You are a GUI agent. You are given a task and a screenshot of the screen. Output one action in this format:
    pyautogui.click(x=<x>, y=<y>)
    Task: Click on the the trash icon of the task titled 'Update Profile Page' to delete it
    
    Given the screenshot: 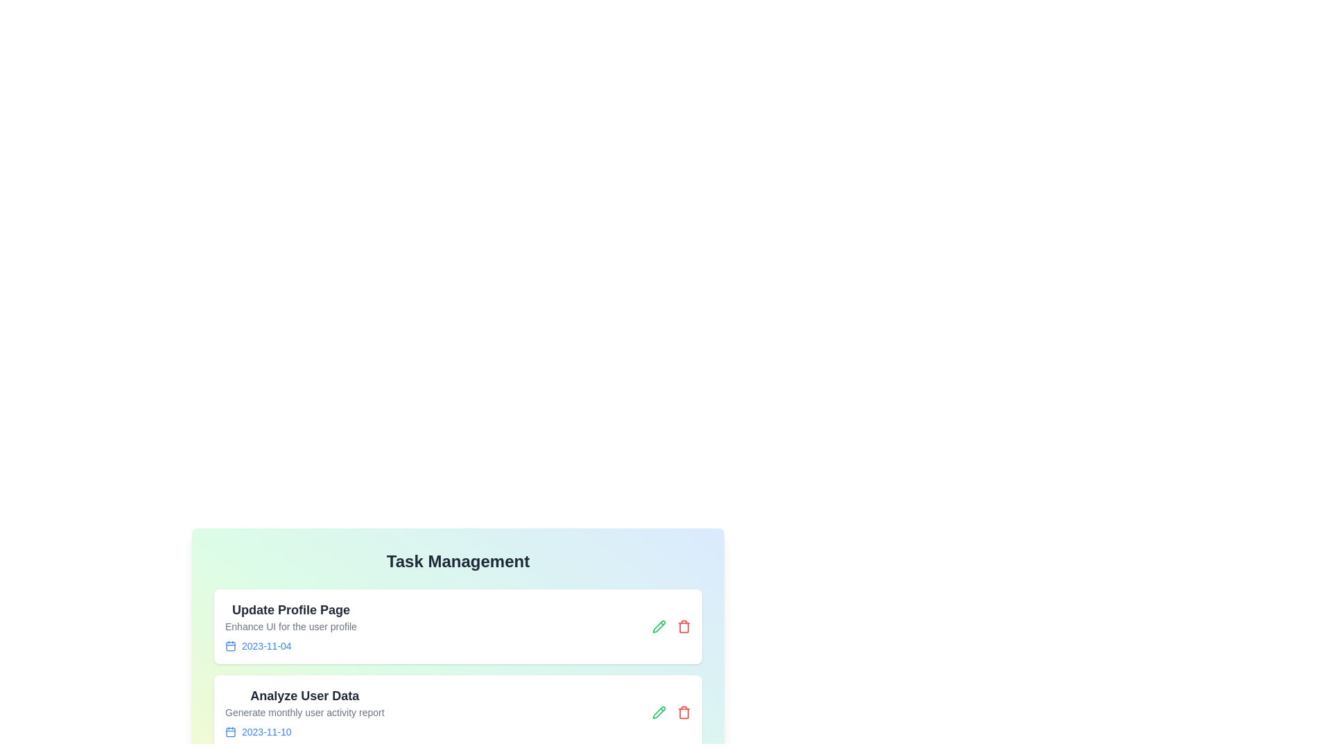 What is the action you would take?
    pyautogui.click(x=684, y=627)
    